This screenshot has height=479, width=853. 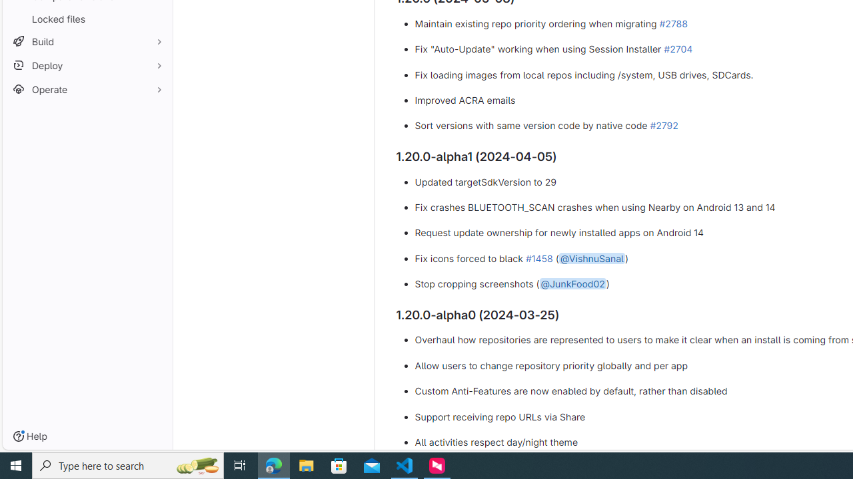 I want to click on '@VishnuSanal', so click(x=591, y=257).